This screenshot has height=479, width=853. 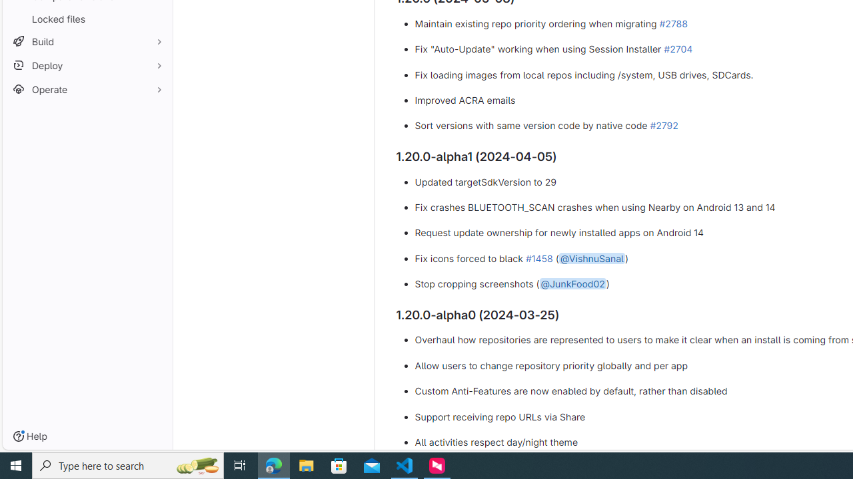 I want to click on '@VishnuSanal', so click(x=591, y=257).